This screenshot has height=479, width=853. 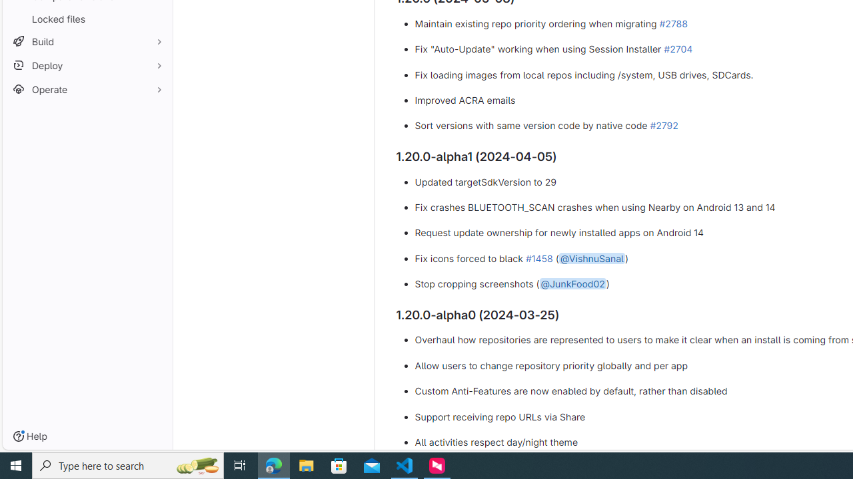 I want to click on '@VishnuSanal', so click(x=591, y=257).